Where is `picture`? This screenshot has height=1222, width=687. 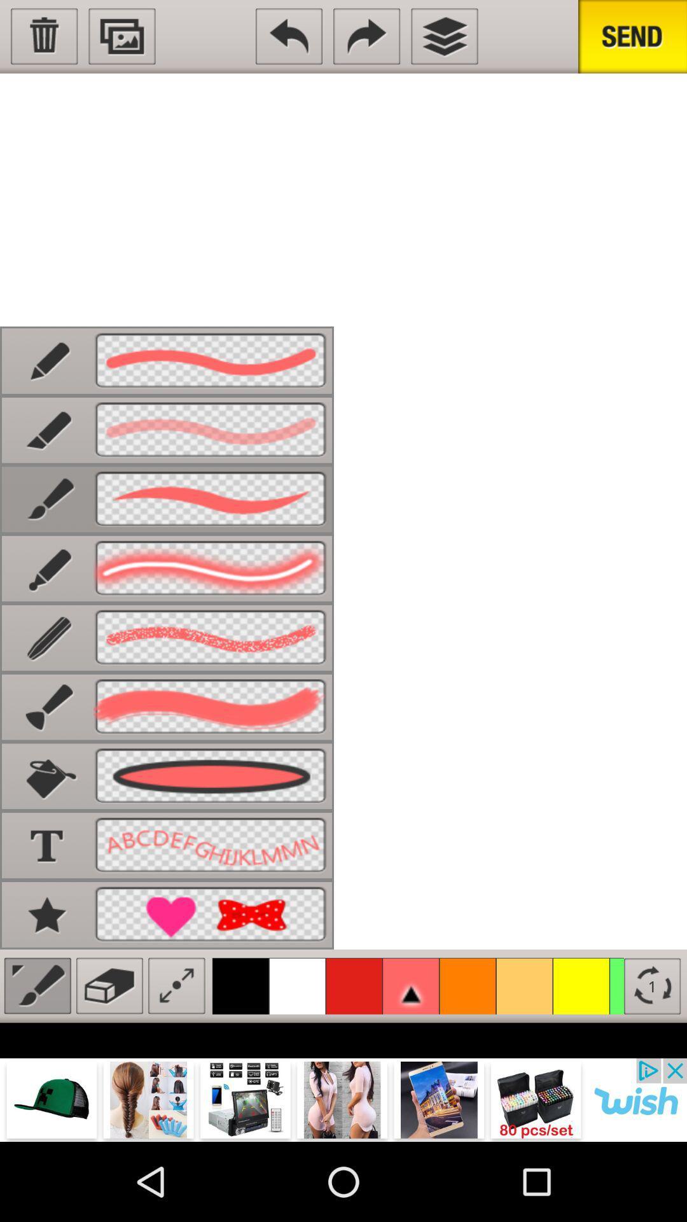 picture is located at coordinates (122, 36).